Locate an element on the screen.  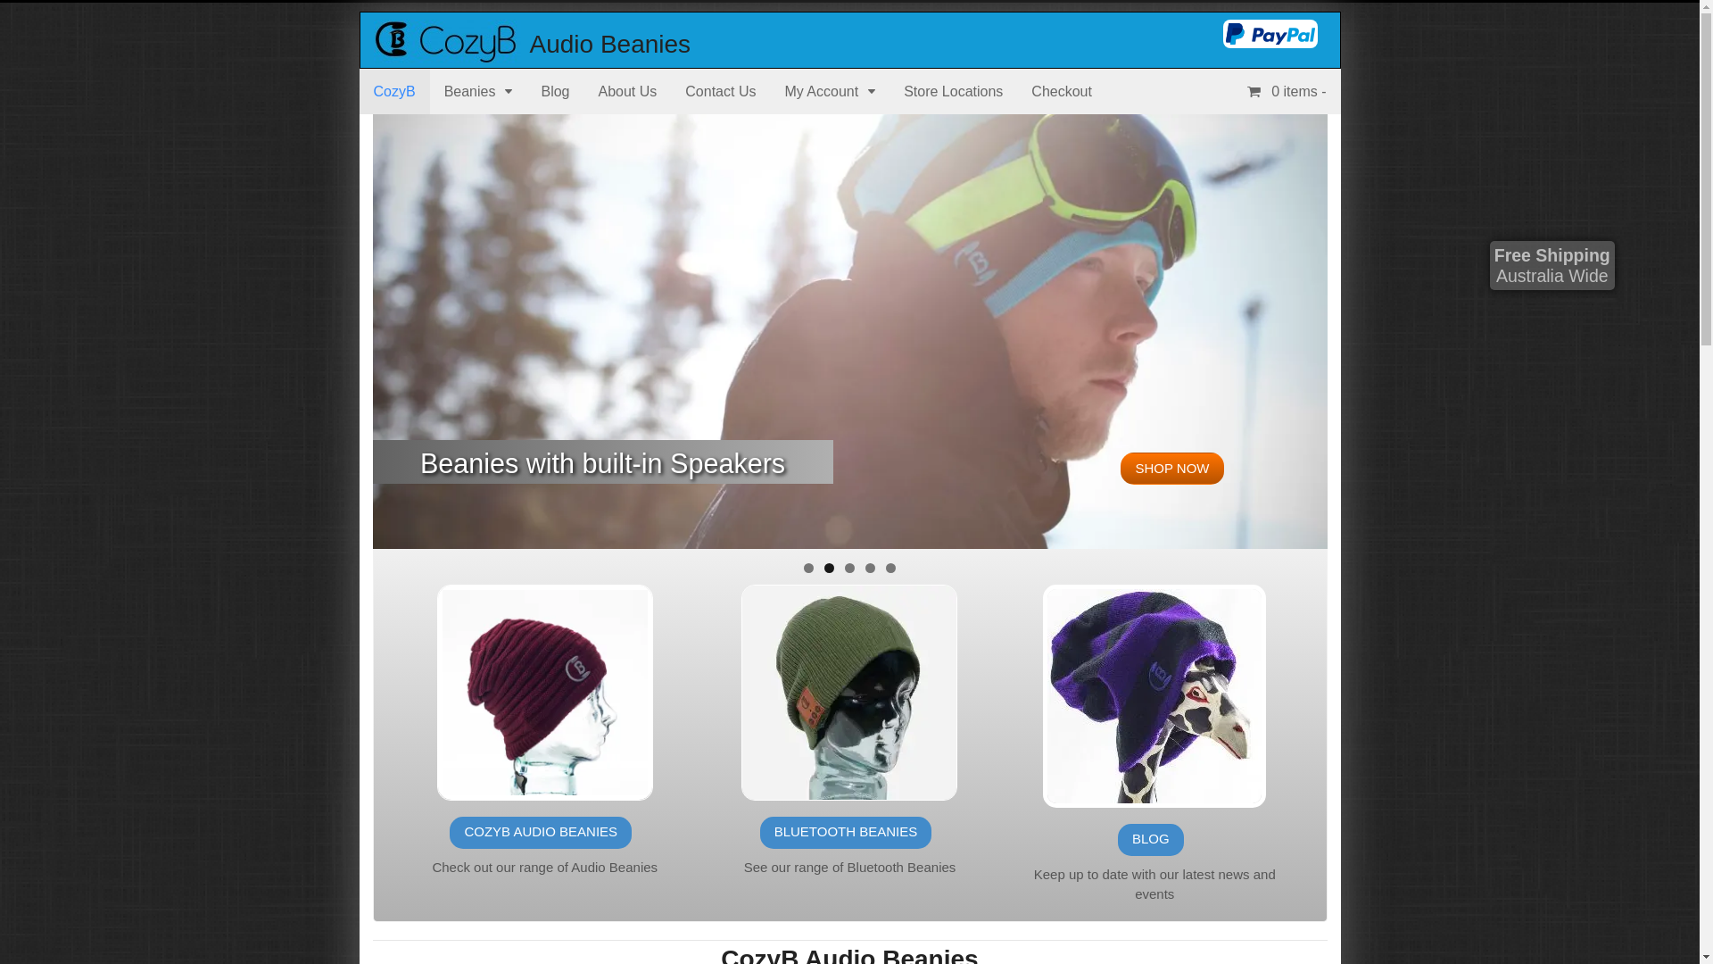
'4' is located at coordinates (870, 568).